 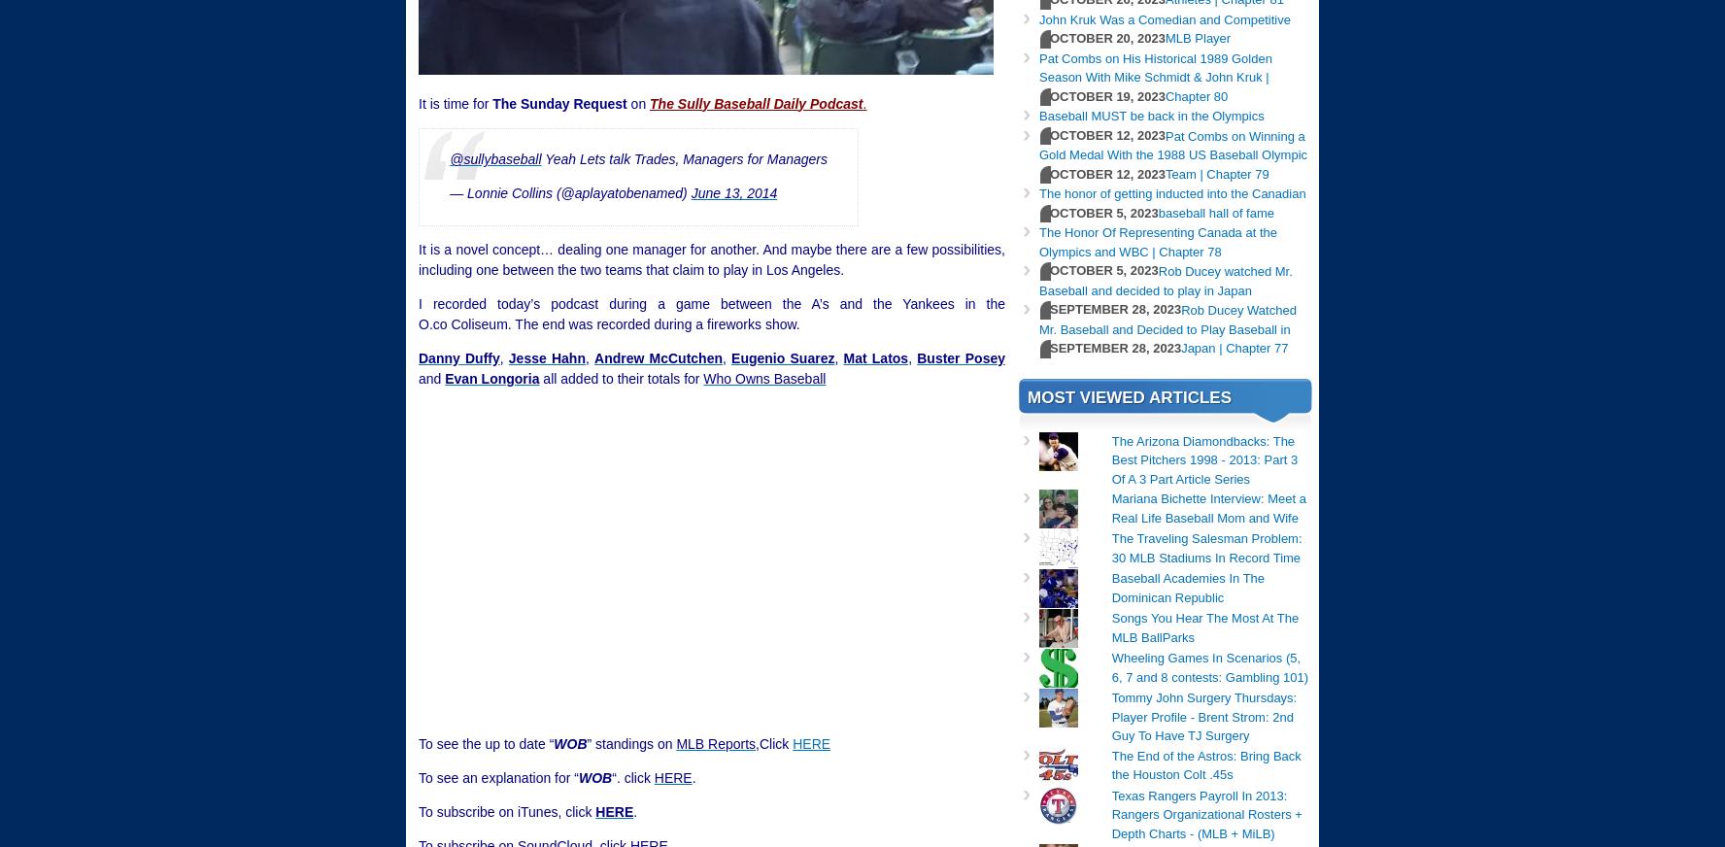 What do you see at coordinates (1110, 587) in the screenshot?
I see `'Baseball Academies In The Dominican Republic'` at bounding box center [1110, 587].